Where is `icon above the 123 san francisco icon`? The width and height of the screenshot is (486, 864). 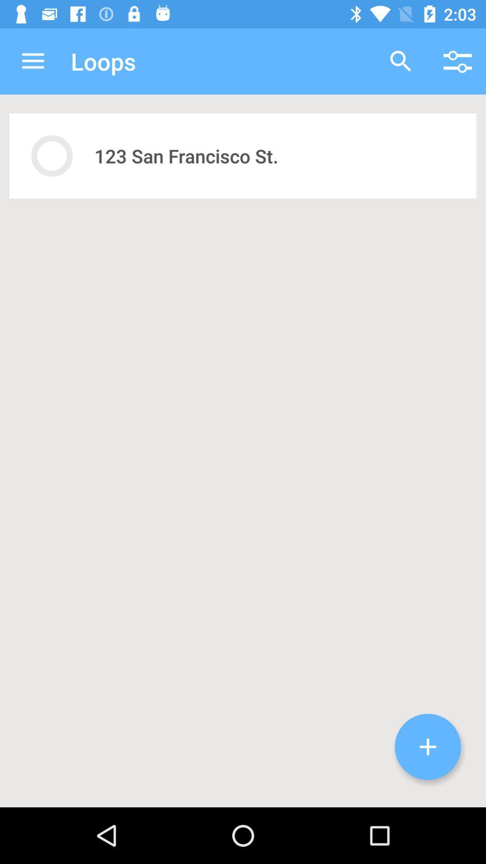
icon above the 123 san francisco icon is located at coordinates (458, 61).